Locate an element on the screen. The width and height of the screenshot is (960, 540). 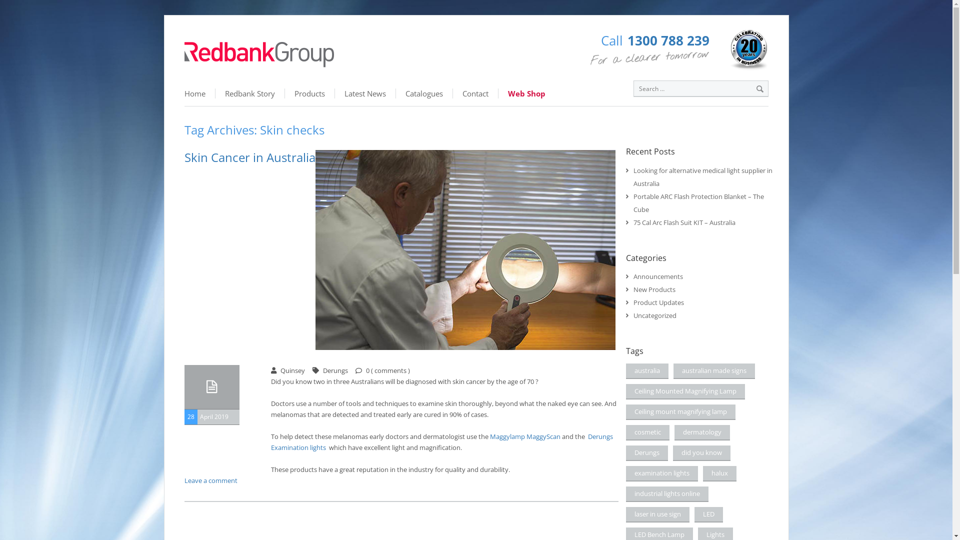
'examination lights' is located at coordinates (662, 473).